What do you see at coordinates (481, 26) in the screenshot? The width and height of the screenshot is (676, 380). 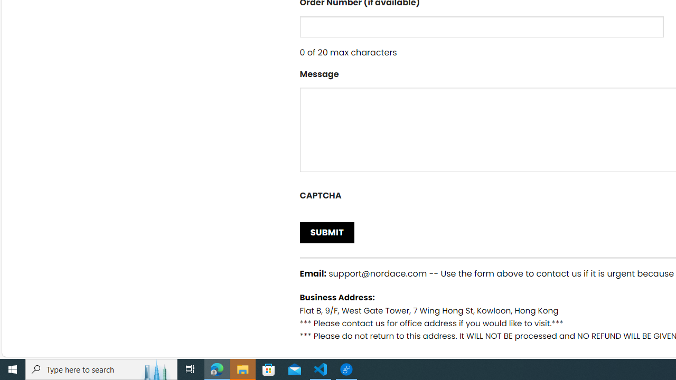 I see `'Order Number (if available)'` at bounding box center [481, 26].